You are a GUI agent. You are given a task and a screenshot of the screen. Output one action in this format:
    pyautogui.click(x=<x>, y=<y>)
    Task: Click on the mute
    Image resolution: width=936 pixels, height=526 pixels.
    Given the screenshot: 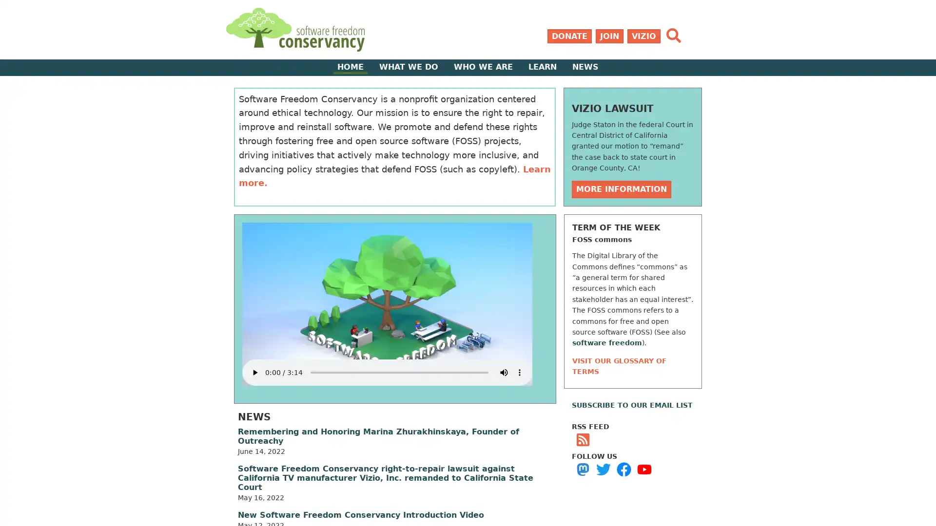 What is the action you would take?
    pyautogui.click(x=504, y=372)
    